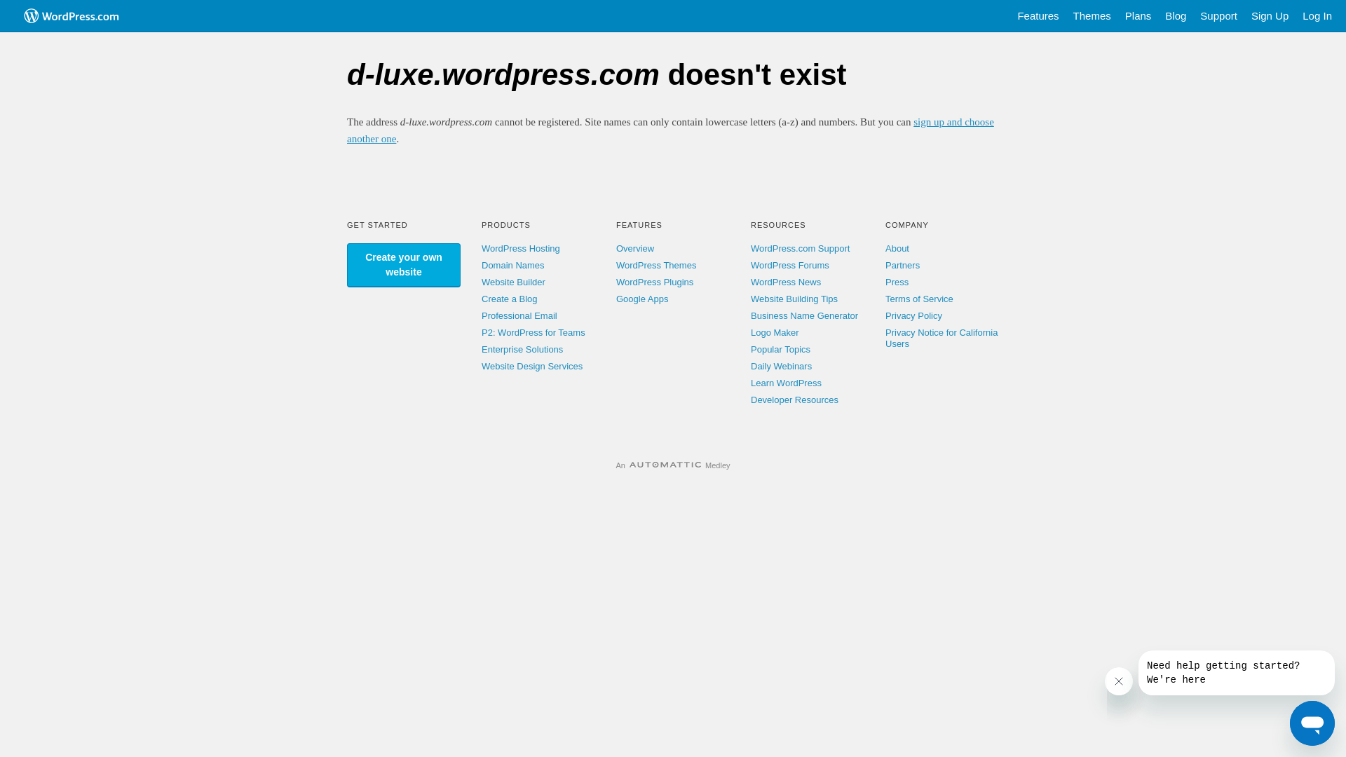 This screenshot has width=1346, height=757. Describe the element at coordinates (1138, 16) in the screenshot. I see `'Plans'` at that location.